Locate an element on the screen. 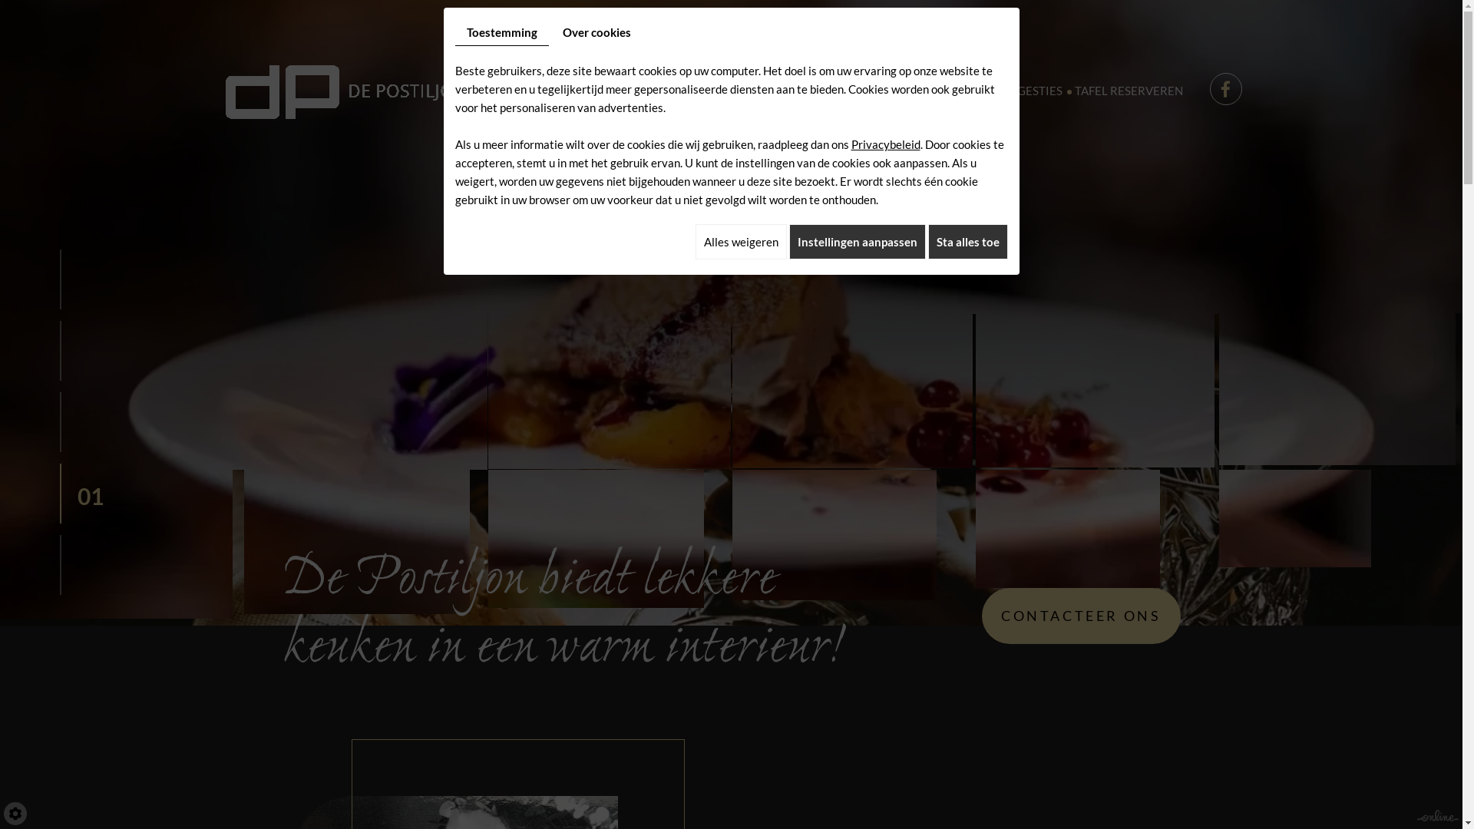  'TAFEL RESERVEREN' is located at coordinates (1068, 91).